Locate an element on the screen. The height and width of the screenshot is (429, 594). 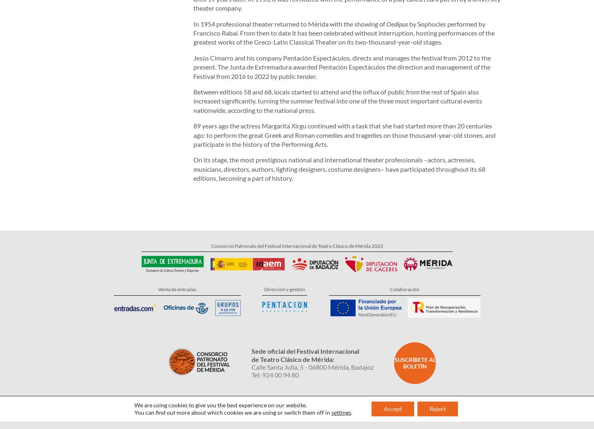
'Política de Privacidad' is located at coordinates (212, 385).